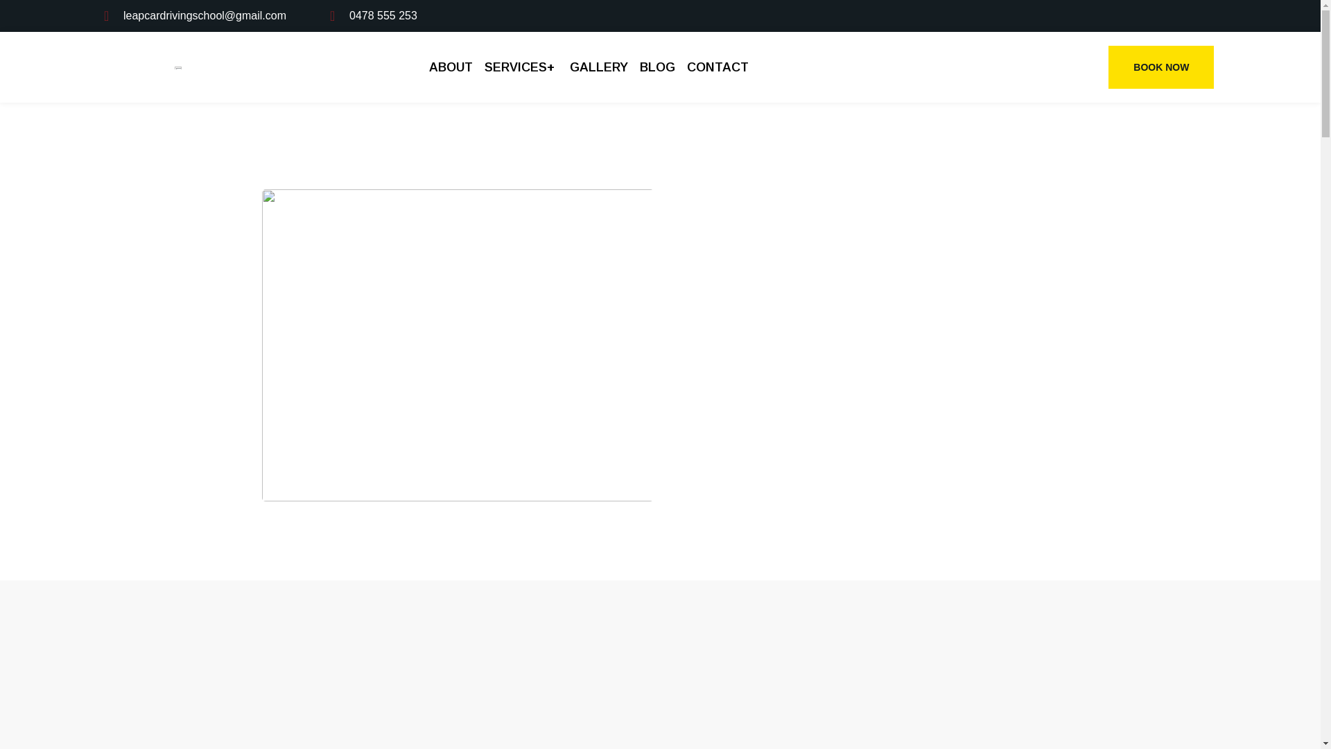 This screenshot has height=749, width=1331. Describe the element at coordinates (715, 67) in the screenshot. I see `'CONTACT'` at that location.